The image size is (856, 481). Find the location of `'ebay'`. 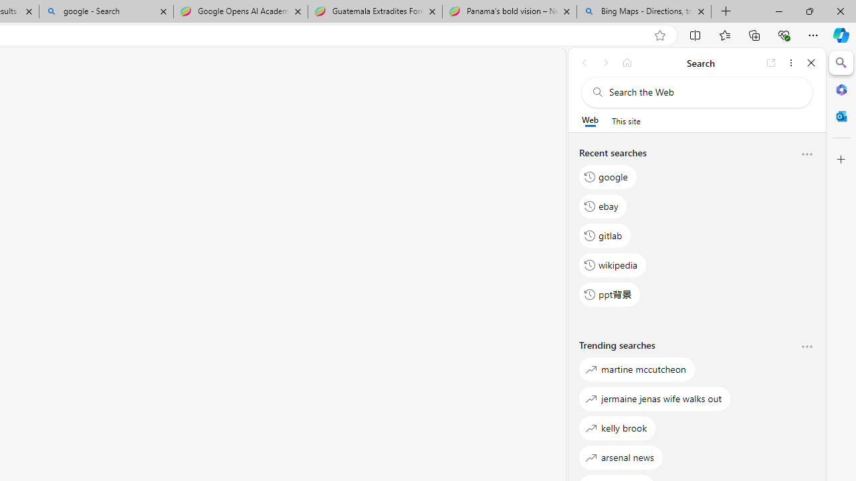

'ebay' is located at coordinates (603, 206).